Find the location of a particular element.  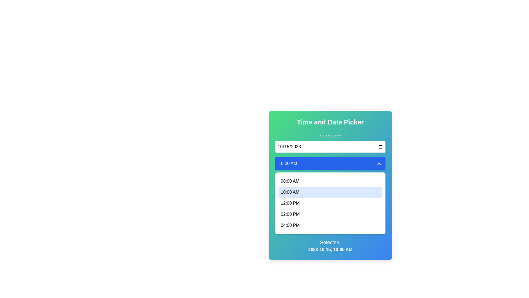

the list item labeled '12:00 PM' in the dropdown selection list of the time picker interface is located at coordinates (330, 203).